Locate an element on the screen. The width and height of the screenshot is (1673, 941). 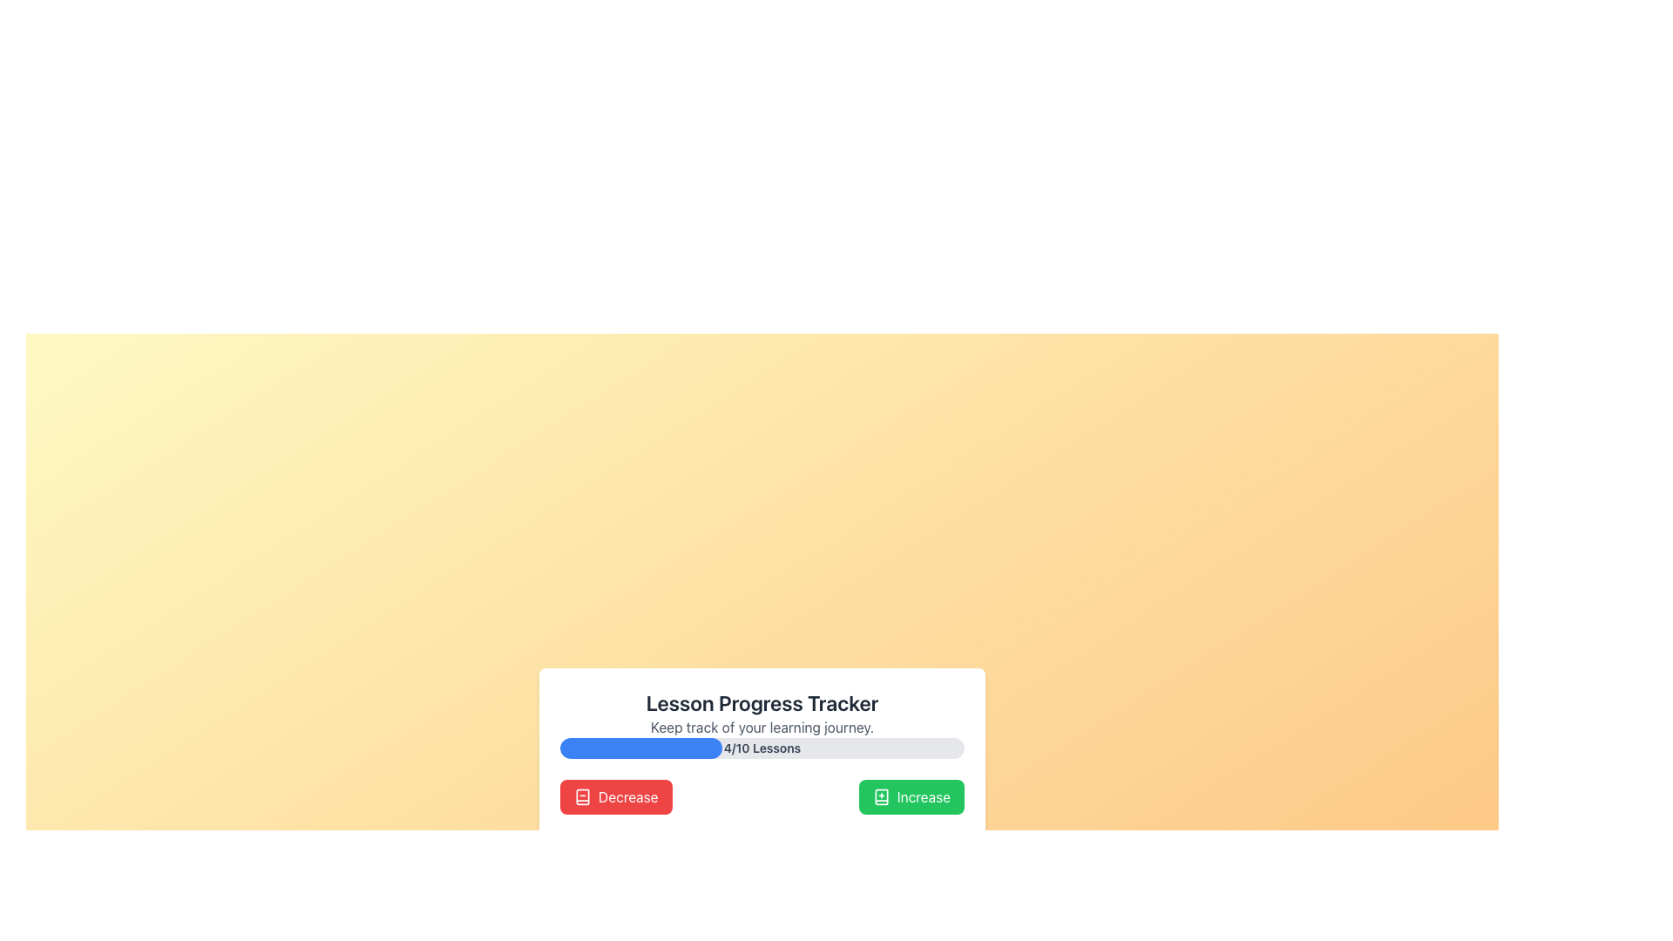
the Progress bar with text overlay that indicates '4 out of 10' within the 'Lesson Progress Tracker' card is located at coordinates (762, 748).